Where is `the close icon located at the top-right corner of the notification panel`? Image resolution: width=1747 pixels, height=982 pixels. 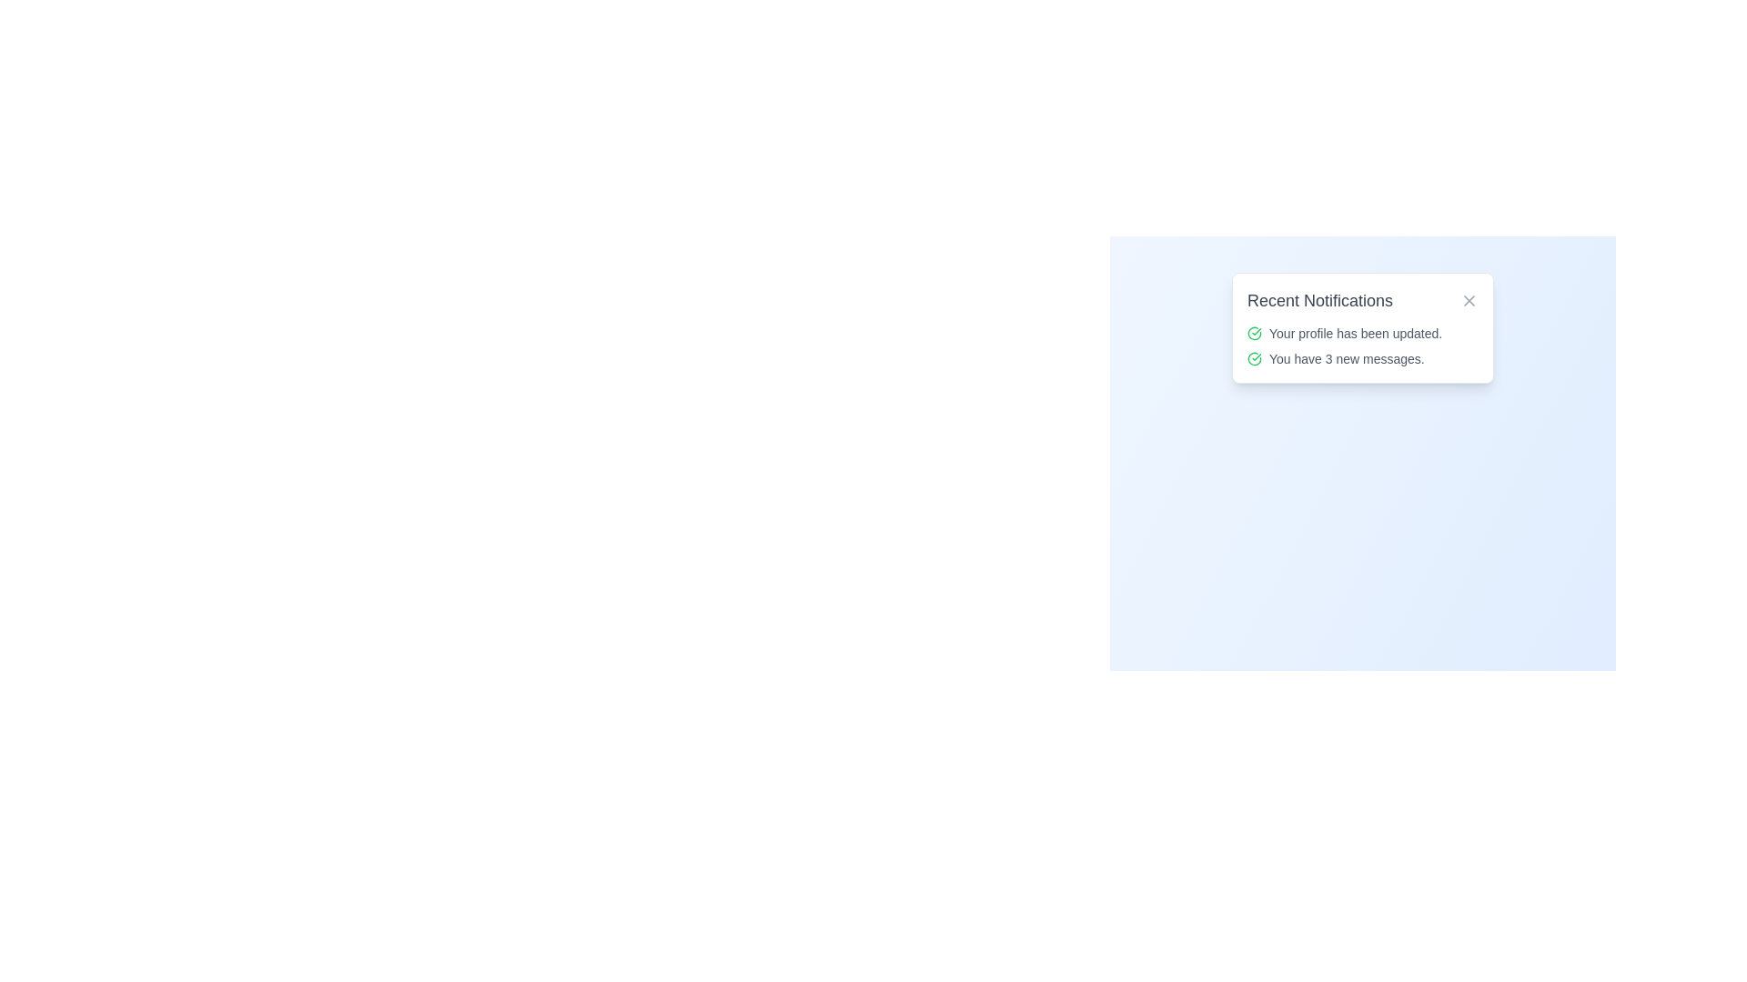
the close icon located at the top-right corner of the notification panel is located at coordinates (1469, 300).